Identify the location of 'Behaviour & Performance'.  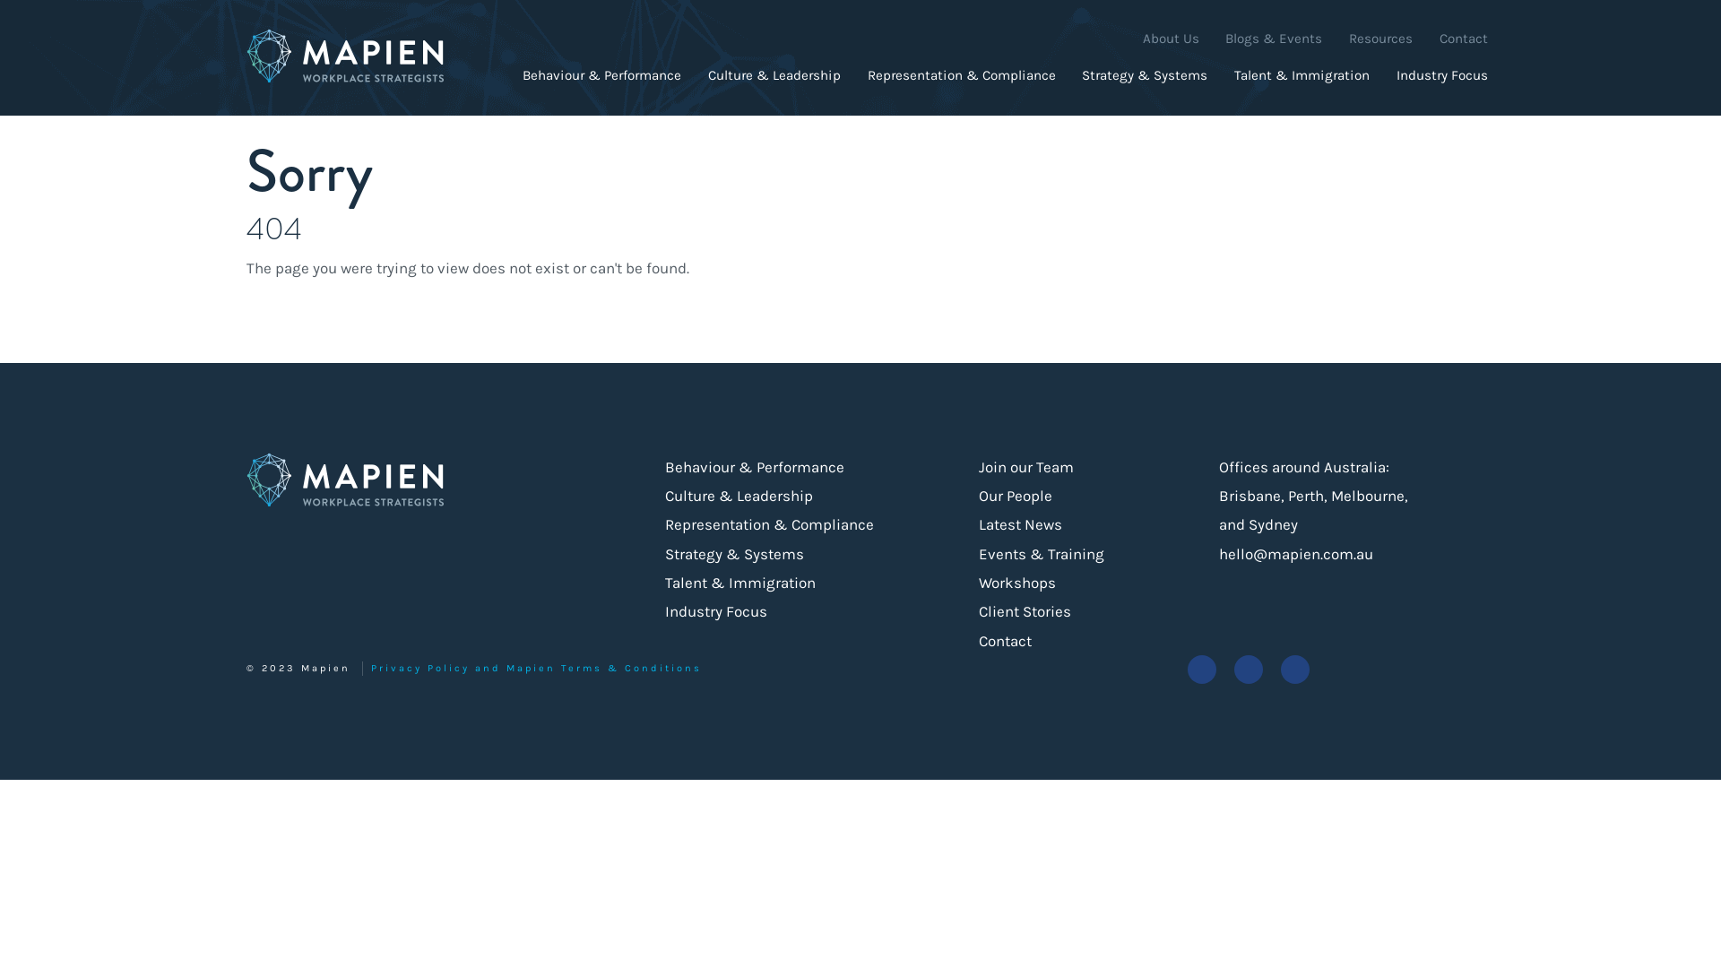
(754, 465).